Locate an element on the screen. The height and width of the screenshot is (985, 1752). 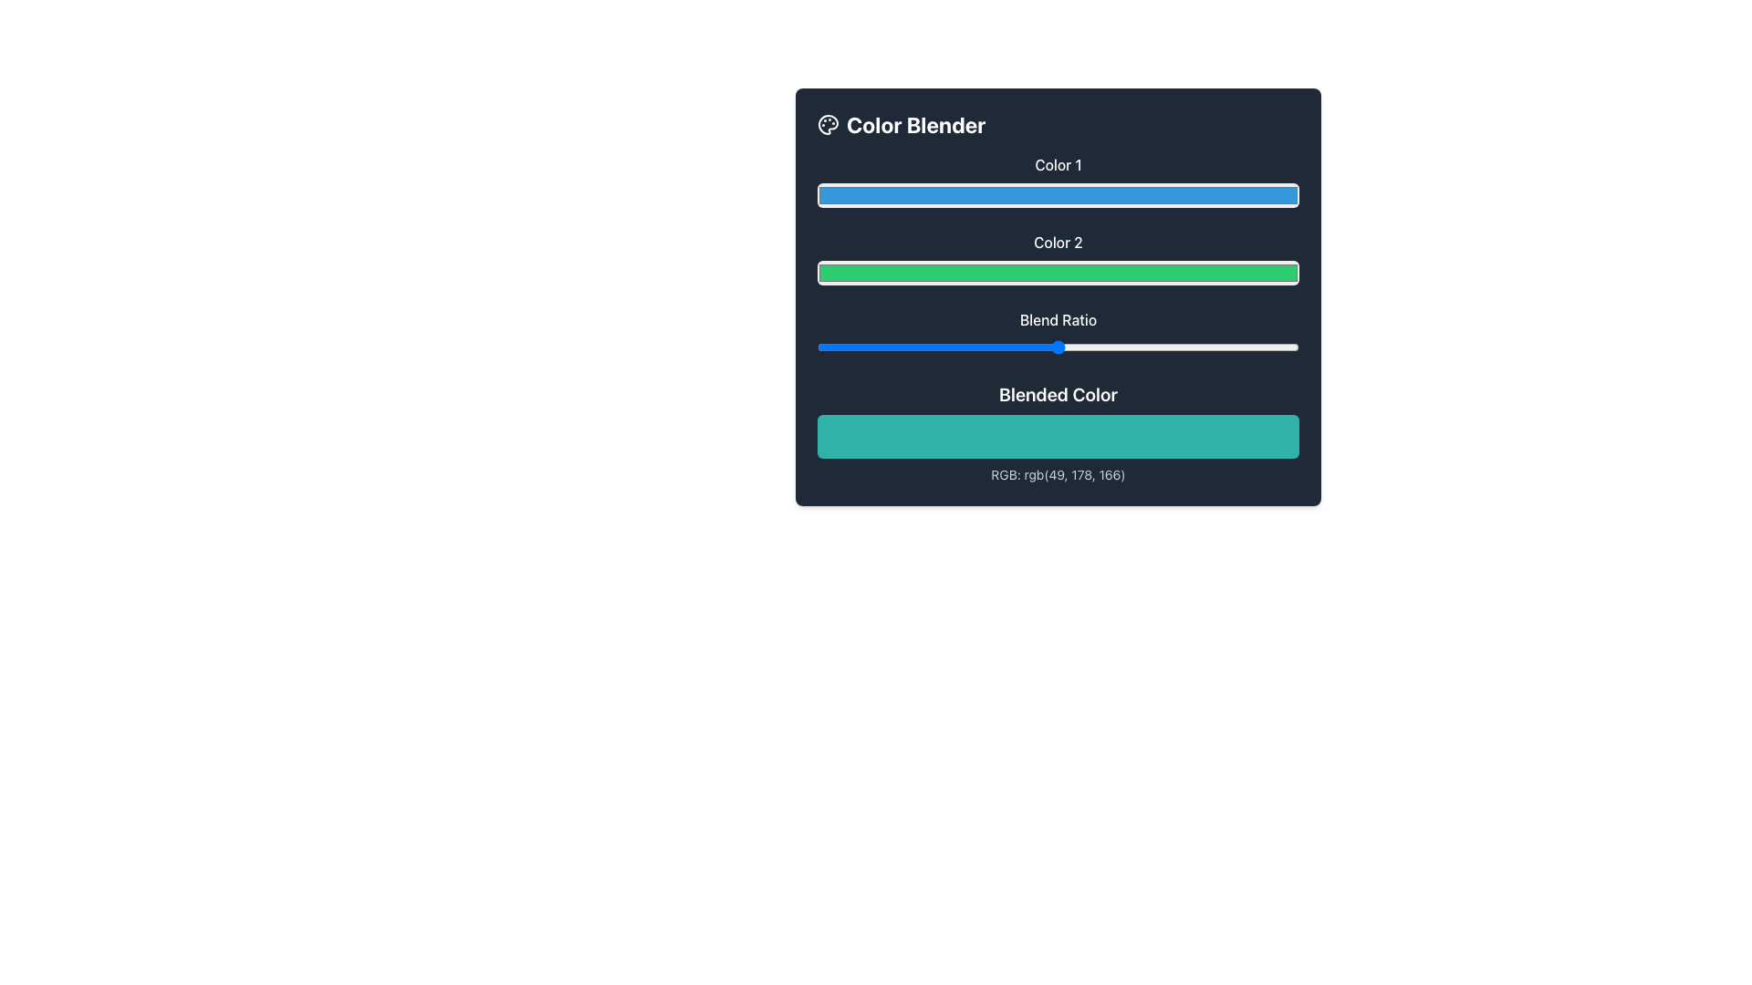
the color picker input field with a rounded border filled with blue color (#3498db) that is located below the label 'Color 1' is located at coordinates (1058, 195).